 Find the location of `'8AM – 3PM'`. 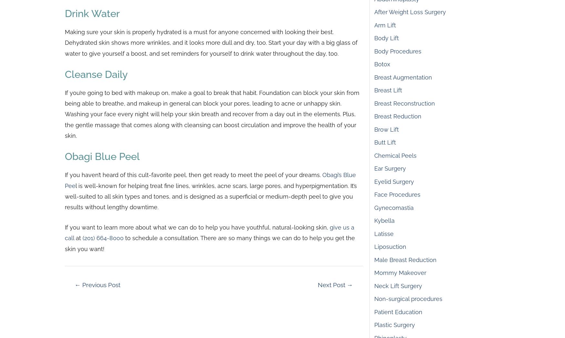

'8AM – 3PM' is located at coordinates (437, 71).